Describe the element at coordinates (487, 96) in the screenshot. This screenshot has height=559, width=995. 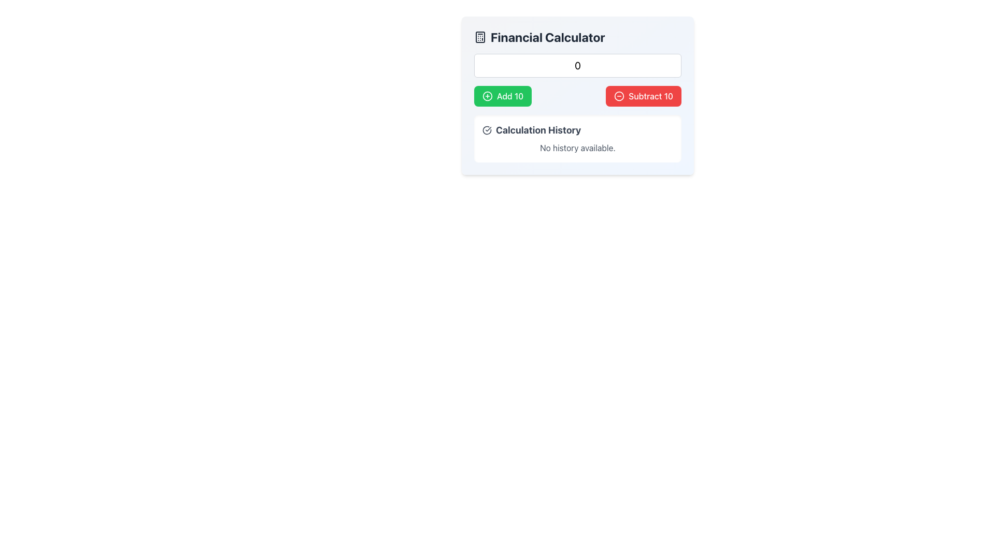
I see `the SVG-based icon located inside the green 'Add 10' button, which visually indicates the action of adding or increasing a numeric value` at that location.